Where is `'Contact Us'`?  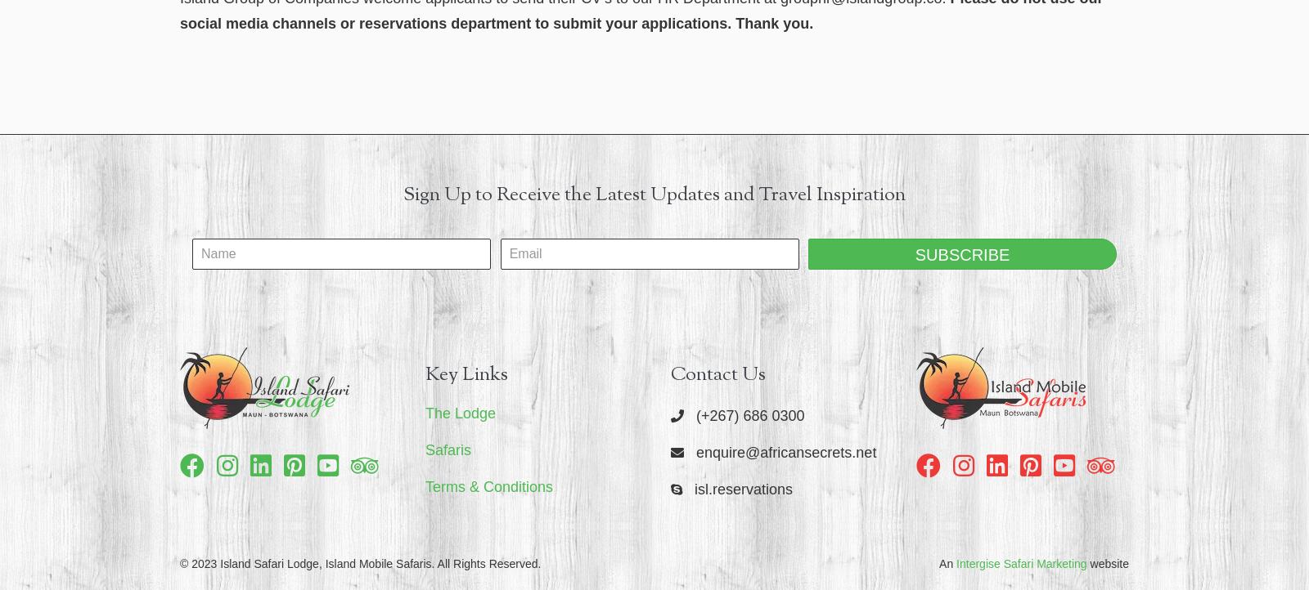 'Contact Us' is located at coordinates (717, 373).